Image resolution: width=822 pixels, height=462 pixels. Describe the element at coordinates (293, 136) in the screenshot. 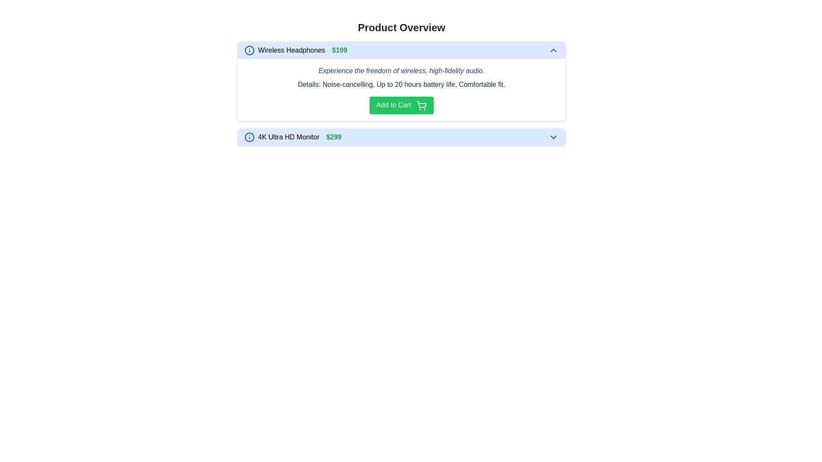

I see `the Composite element displaying the text '4K Ultra HD Monitor $299'` at that location.